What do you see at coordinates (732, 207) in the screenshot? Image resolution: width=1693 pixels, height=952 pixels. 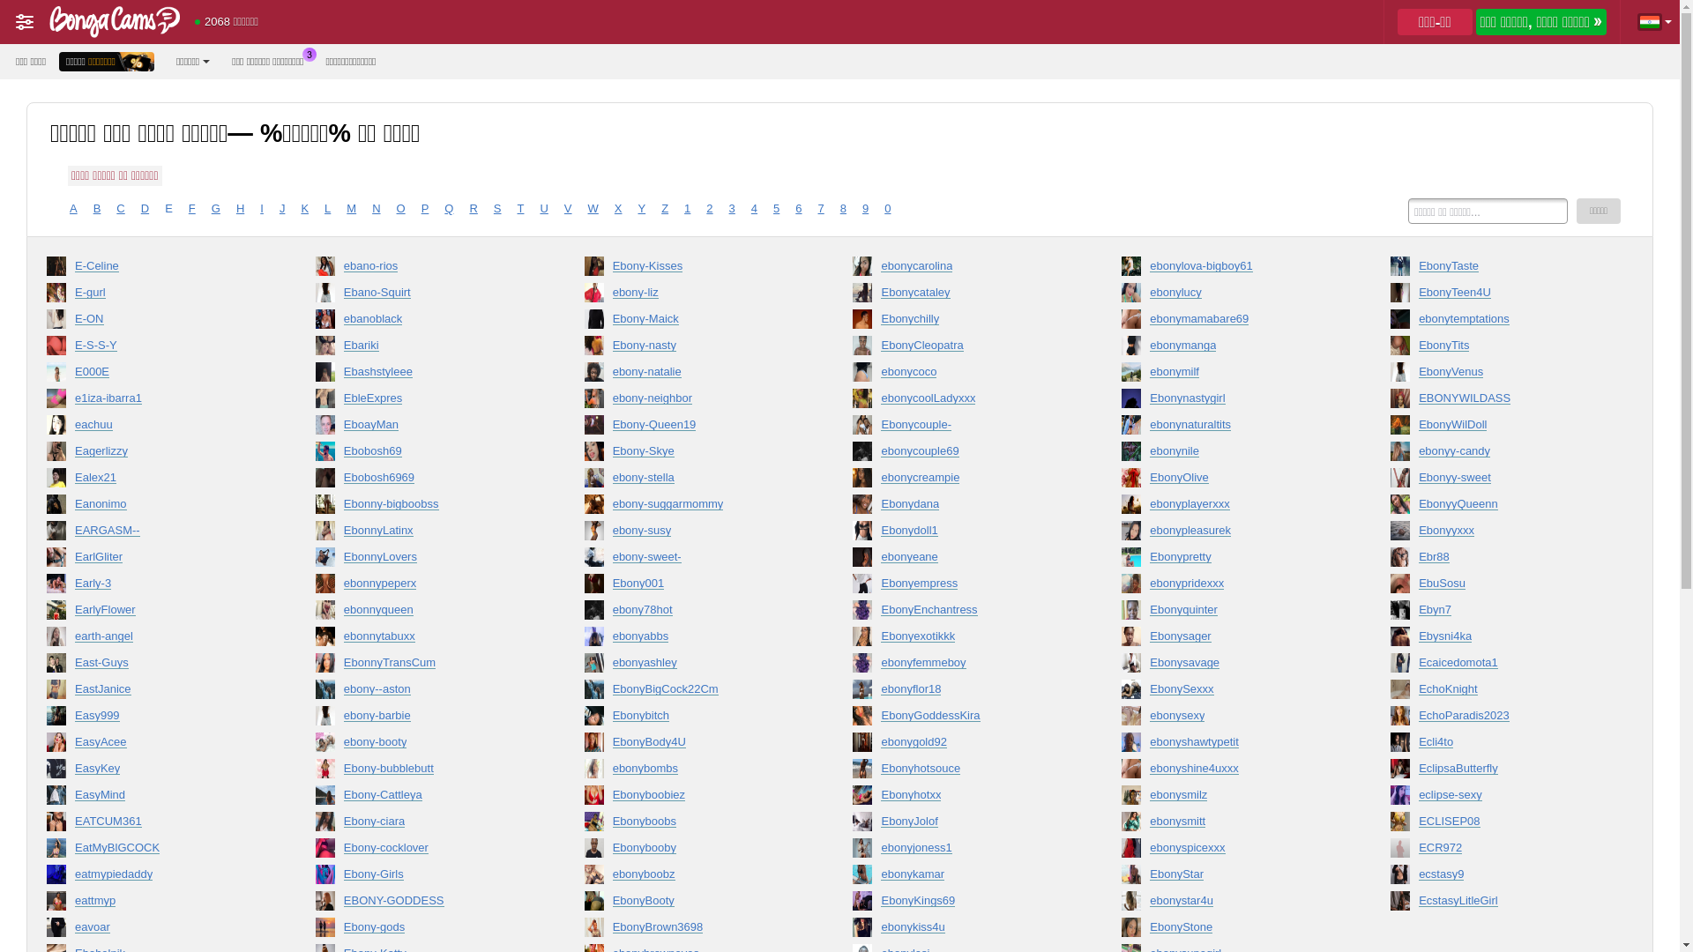 I see `'3'` at bounding box center [732, 207].